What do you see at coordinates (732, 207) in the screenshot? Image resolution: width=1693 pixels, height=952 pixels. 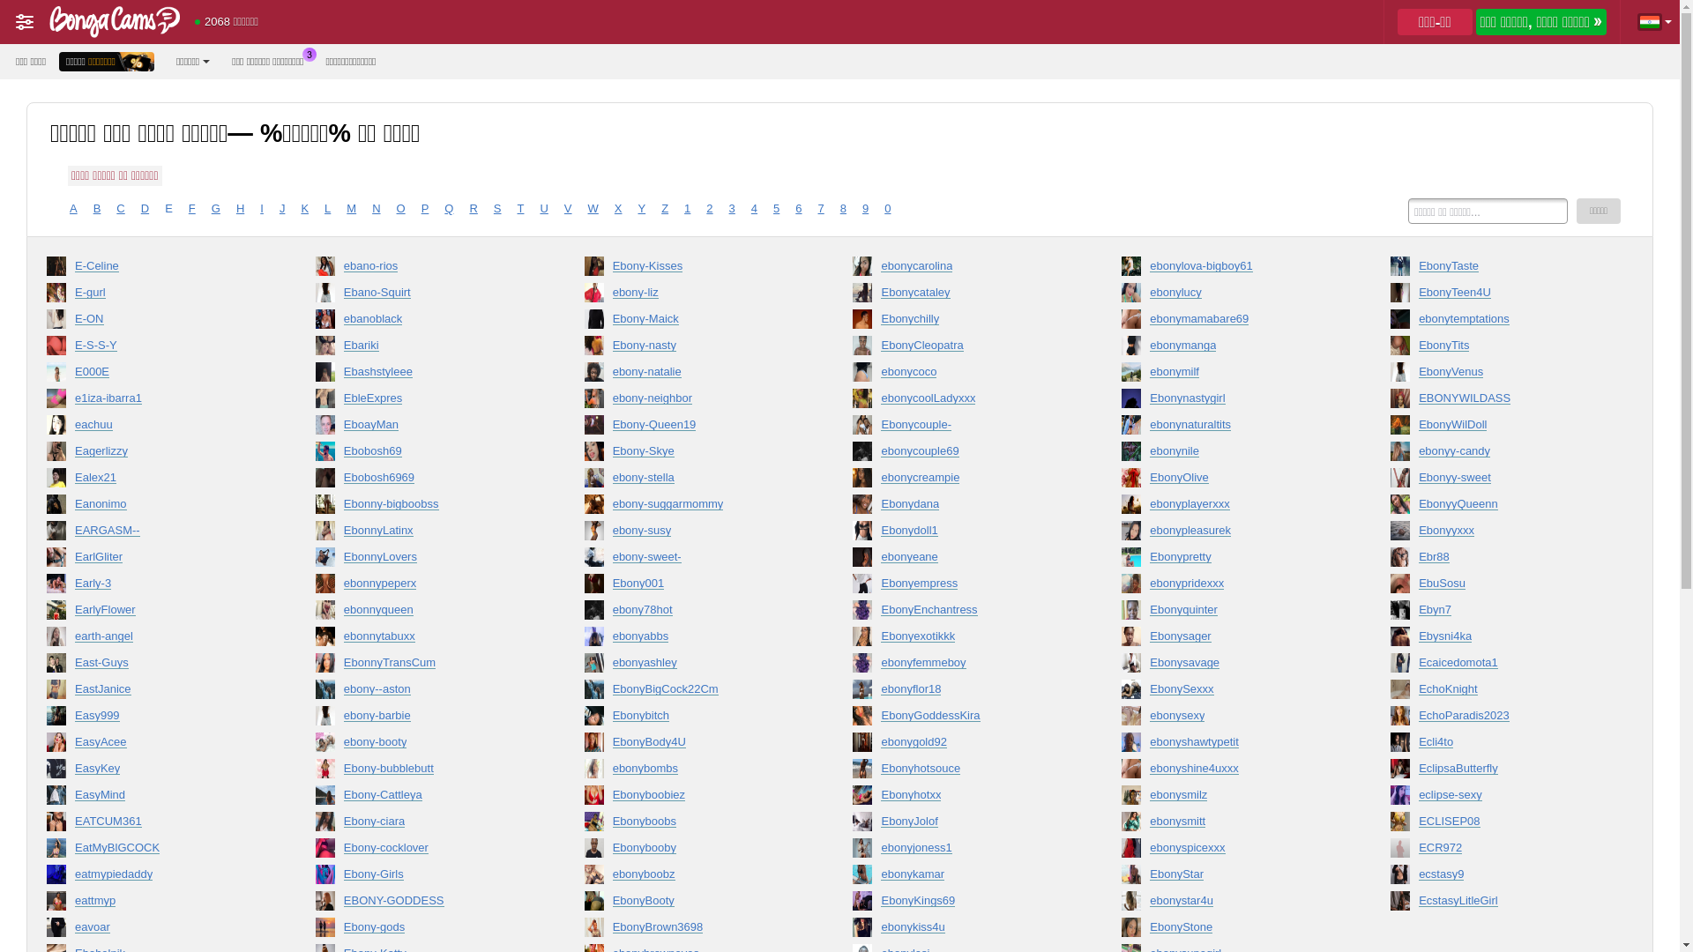 I see `'3'` at bounding box center [732, 207].